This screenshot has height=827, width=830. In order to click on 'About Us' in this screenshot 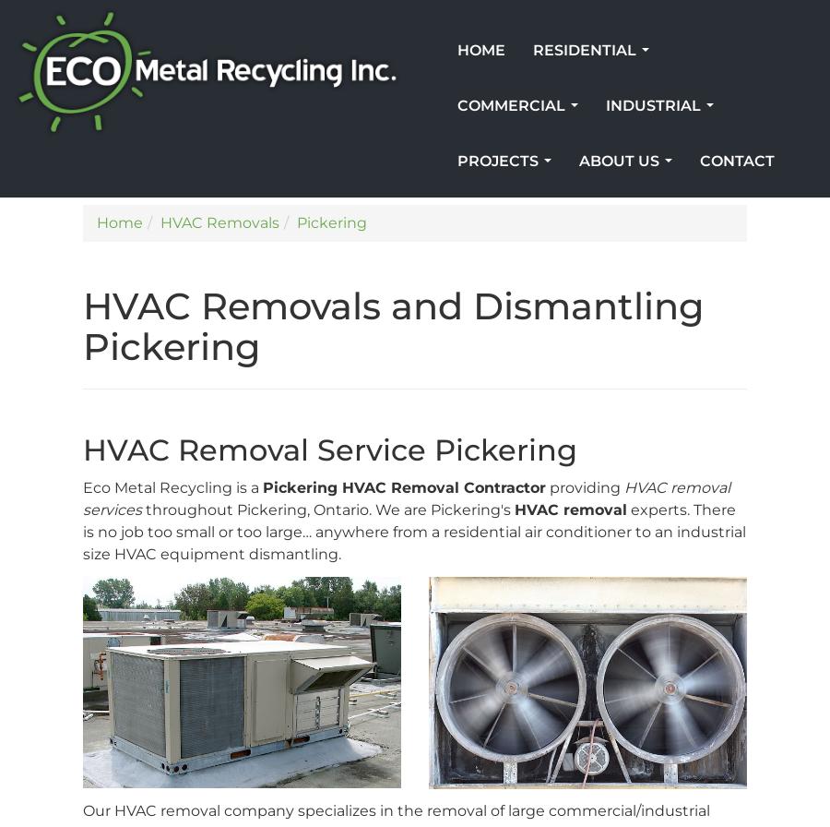, I will do `click(579, 161)`.